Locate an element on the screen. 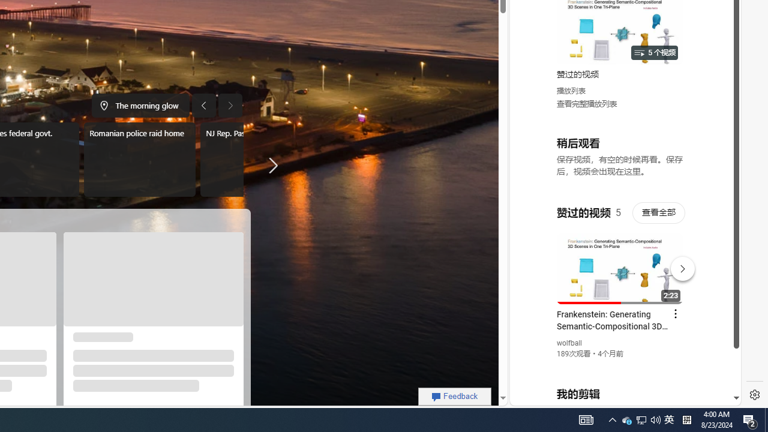  'Romanian police raid home' is located at coordinates (139, 159).